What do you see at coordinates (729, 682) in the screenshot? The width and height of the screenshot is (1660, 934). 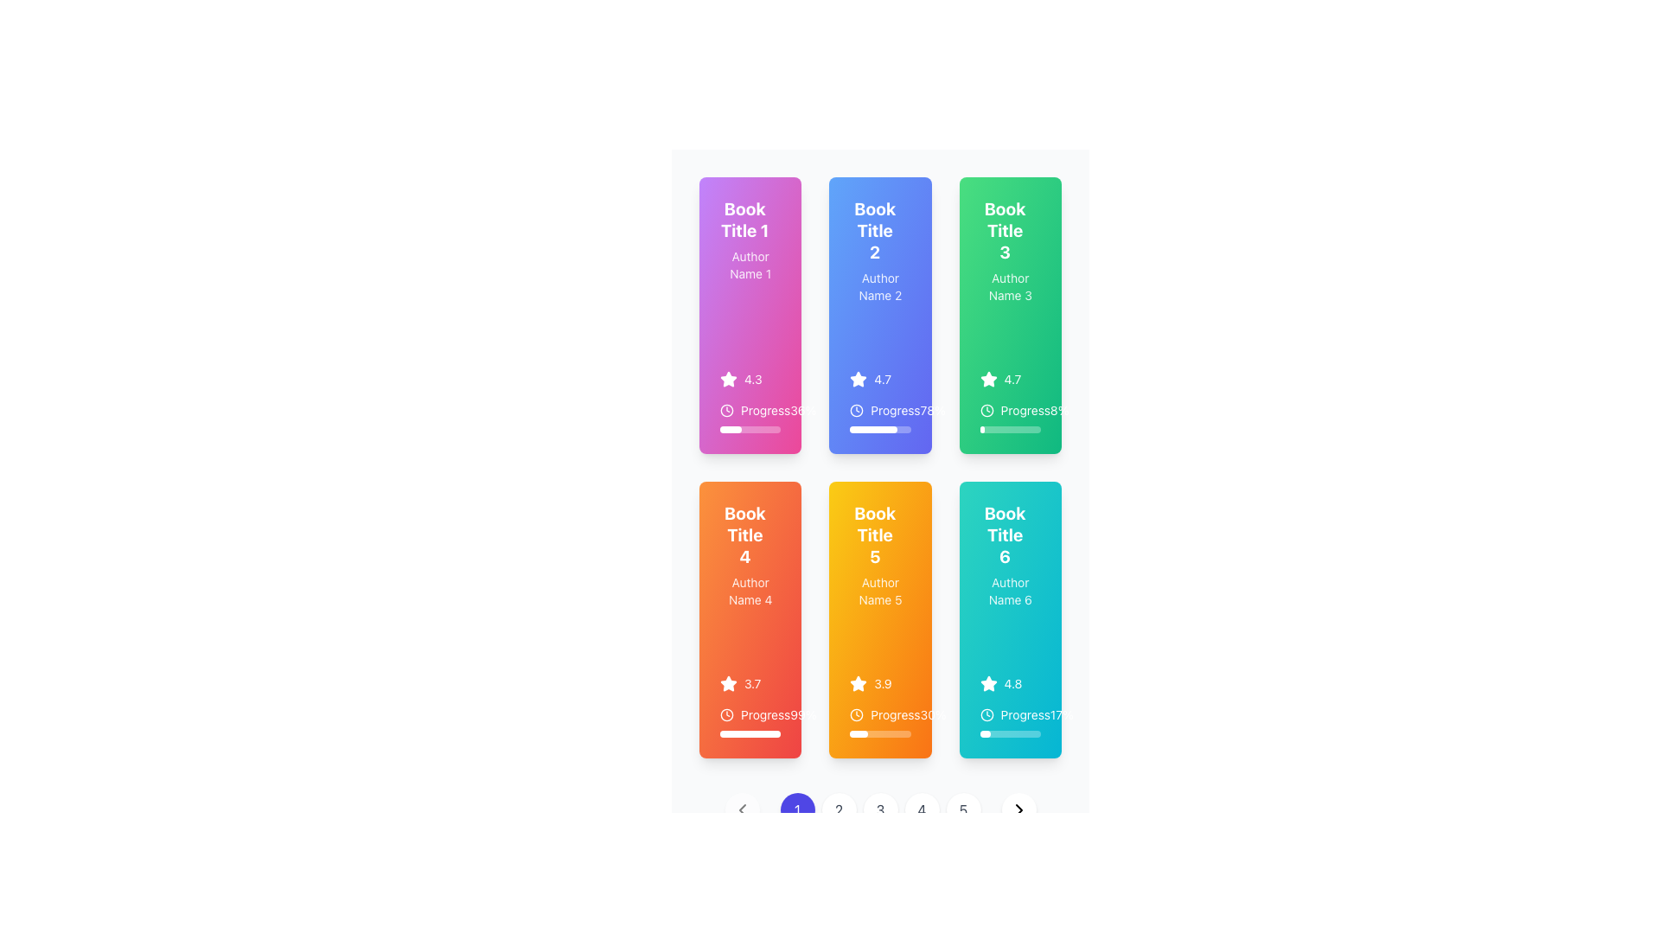 I see `star rating icon located in the fourth card of the grid, which is positioned in the second row and first column, to understand its rating symbolism` at bounding box center [729, 682].